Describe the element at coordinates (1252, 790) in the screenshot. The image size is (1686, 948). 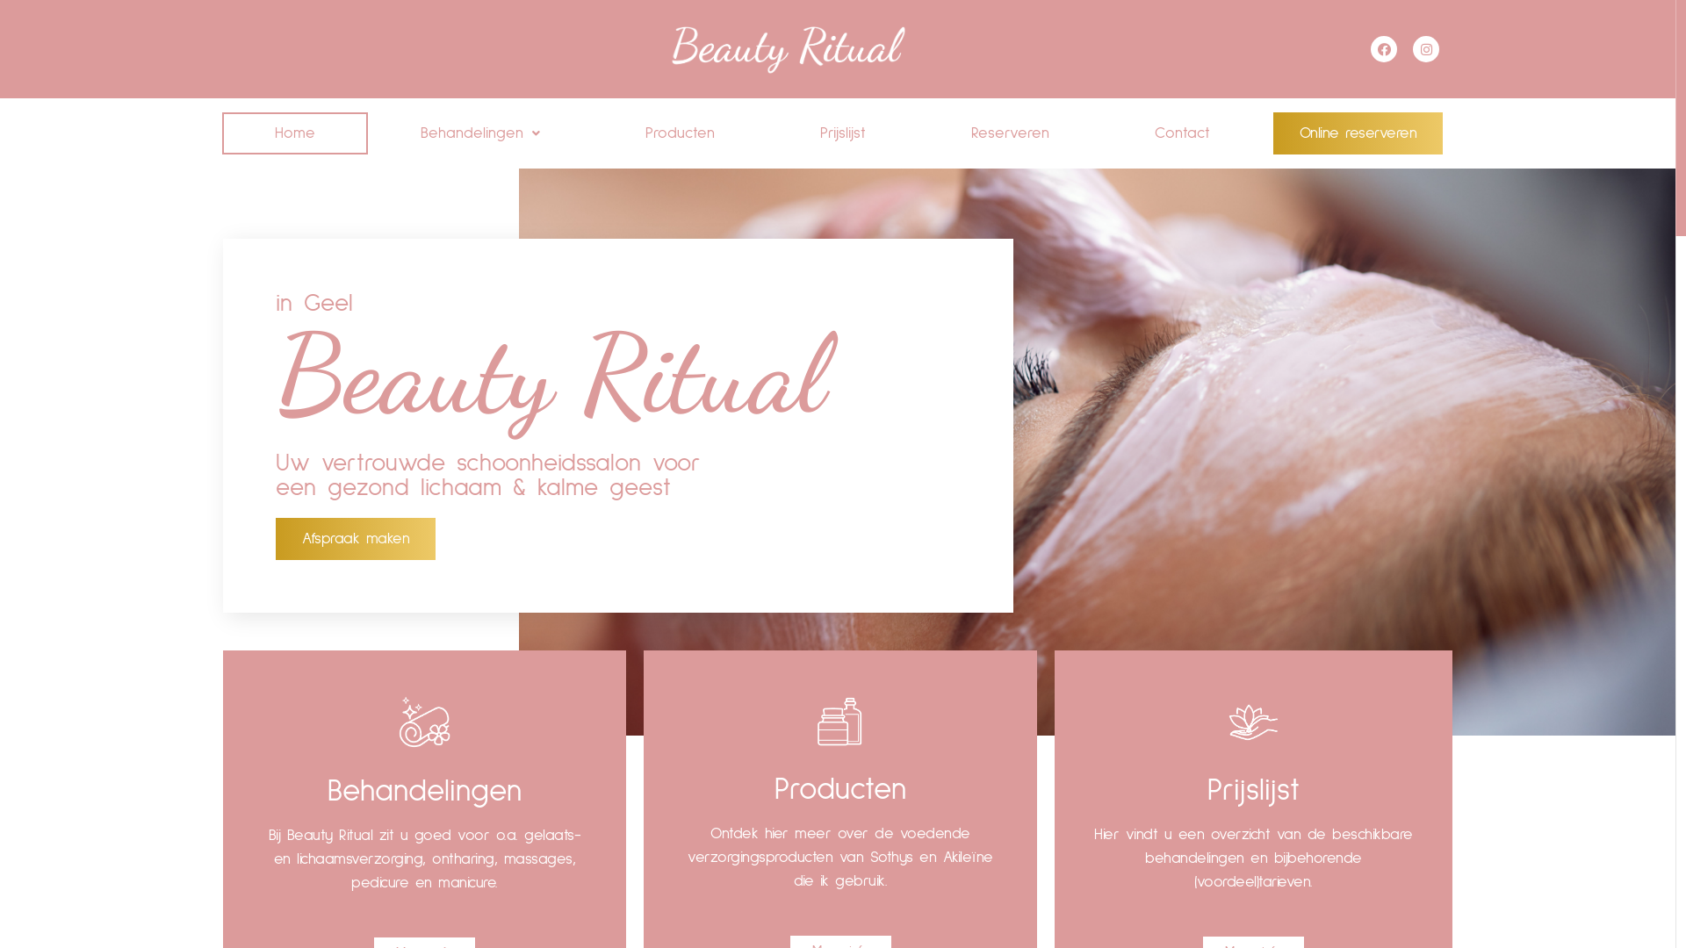
I see `'Prijslijst'` at that location.